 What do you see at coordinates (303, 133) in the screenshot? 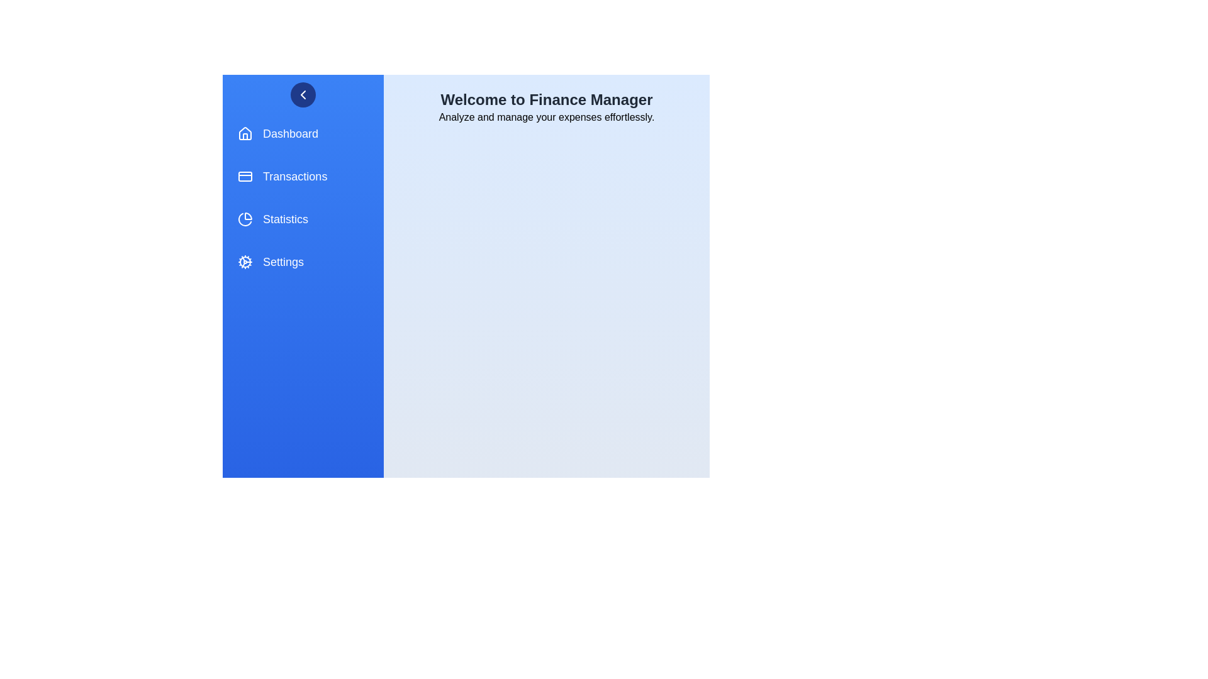
I see `the menu item Dashboard from the FinanceDrawer component` at bounding box center [303, 133].